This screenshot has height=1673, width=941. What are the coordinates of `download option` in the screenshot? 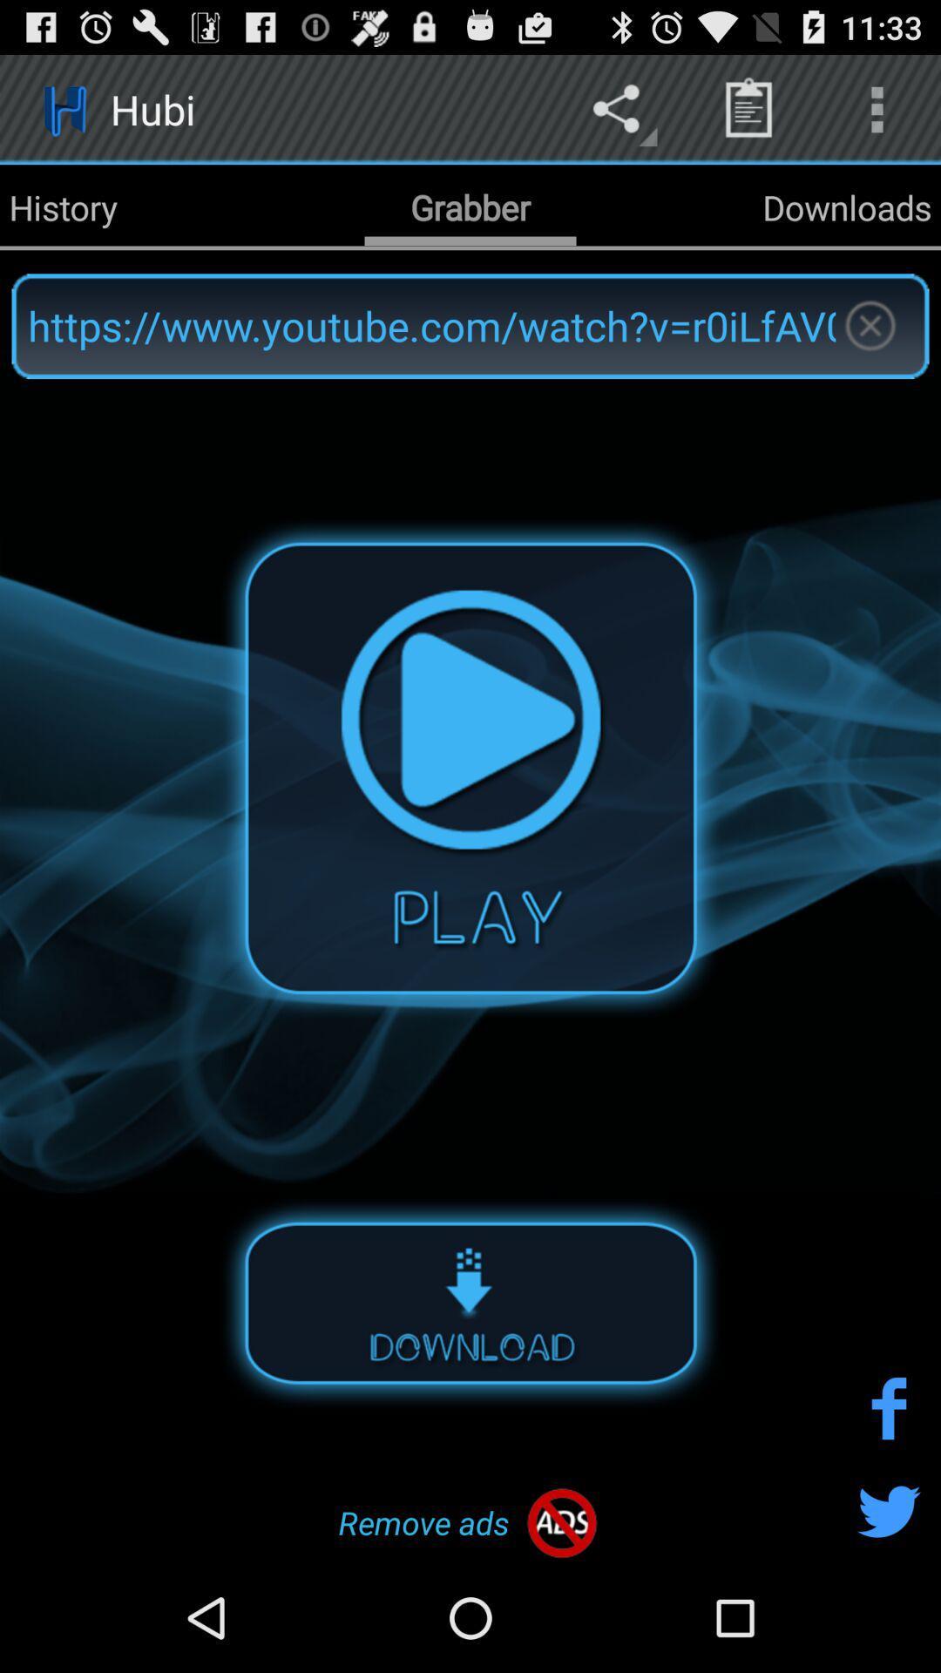 It's located at (470, 1302).